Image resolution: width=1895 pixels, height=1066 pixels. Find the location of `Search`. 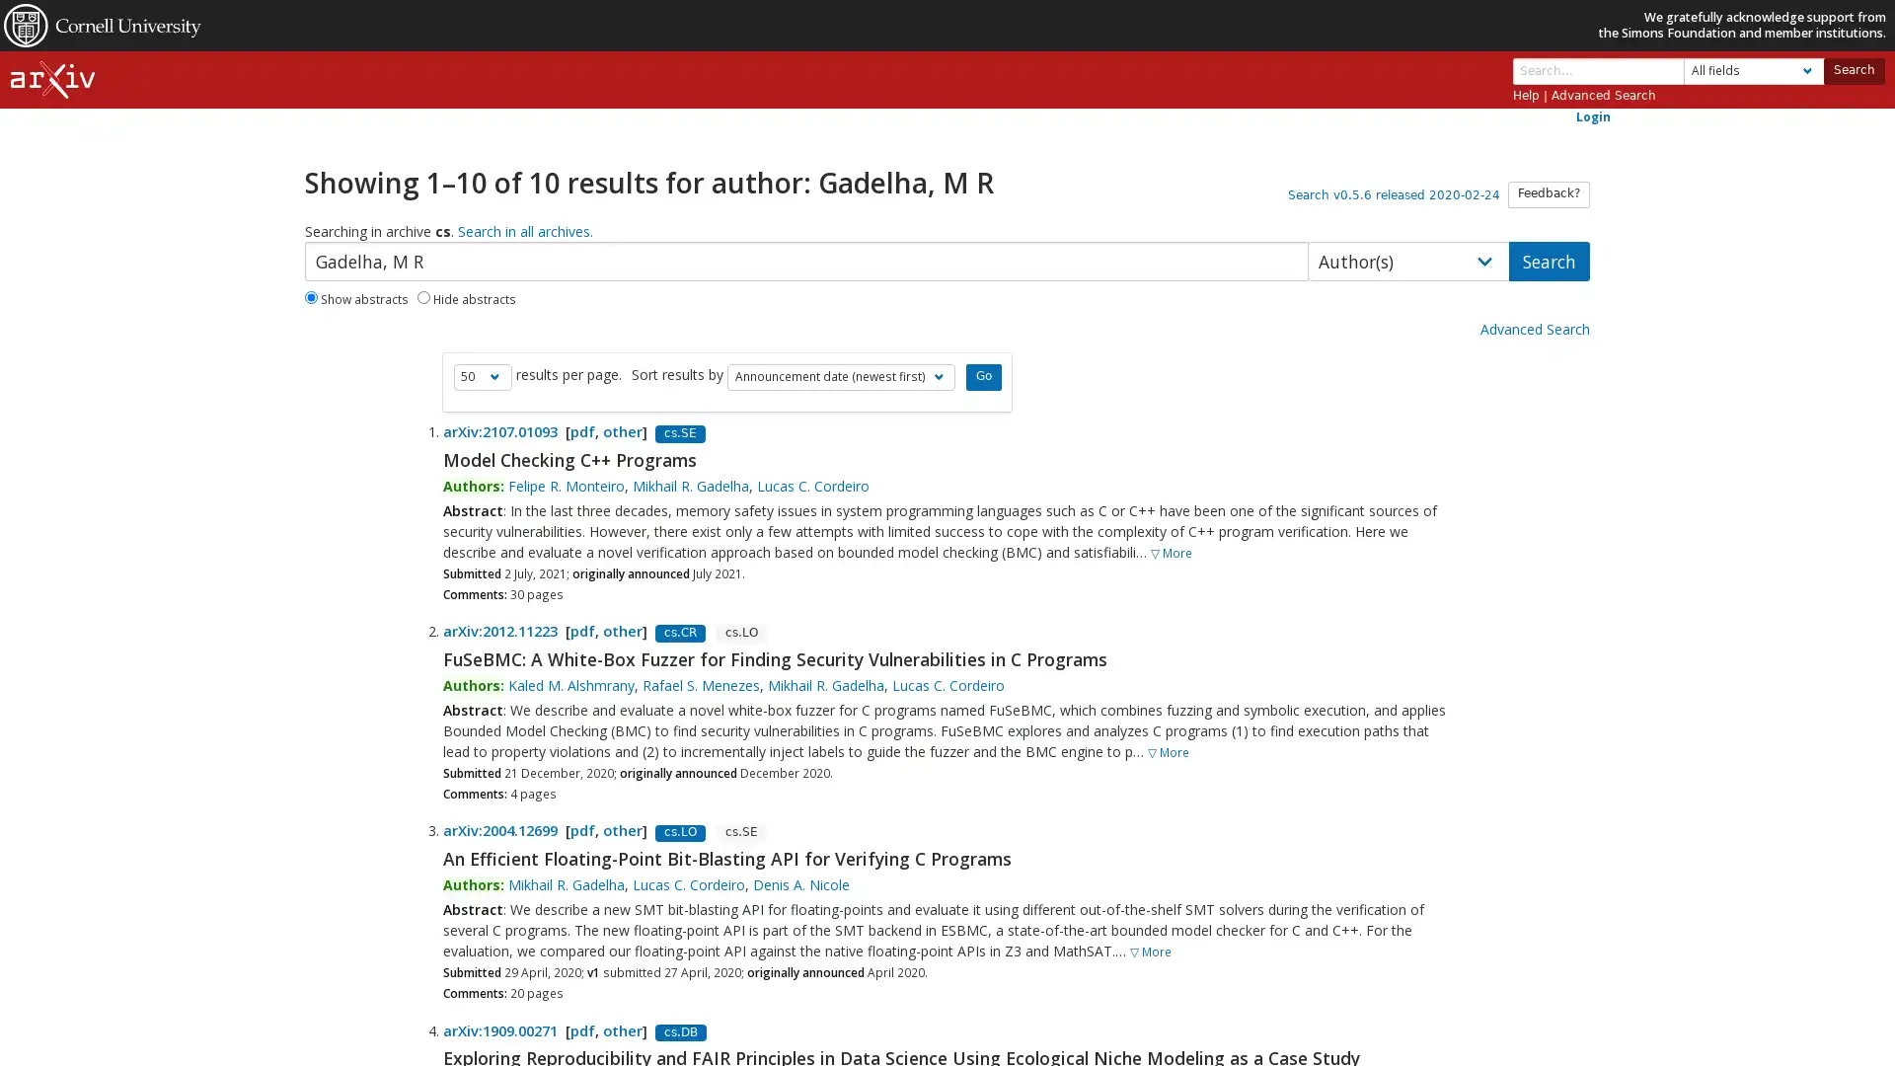

Search is located at coordinates (1548, 260).